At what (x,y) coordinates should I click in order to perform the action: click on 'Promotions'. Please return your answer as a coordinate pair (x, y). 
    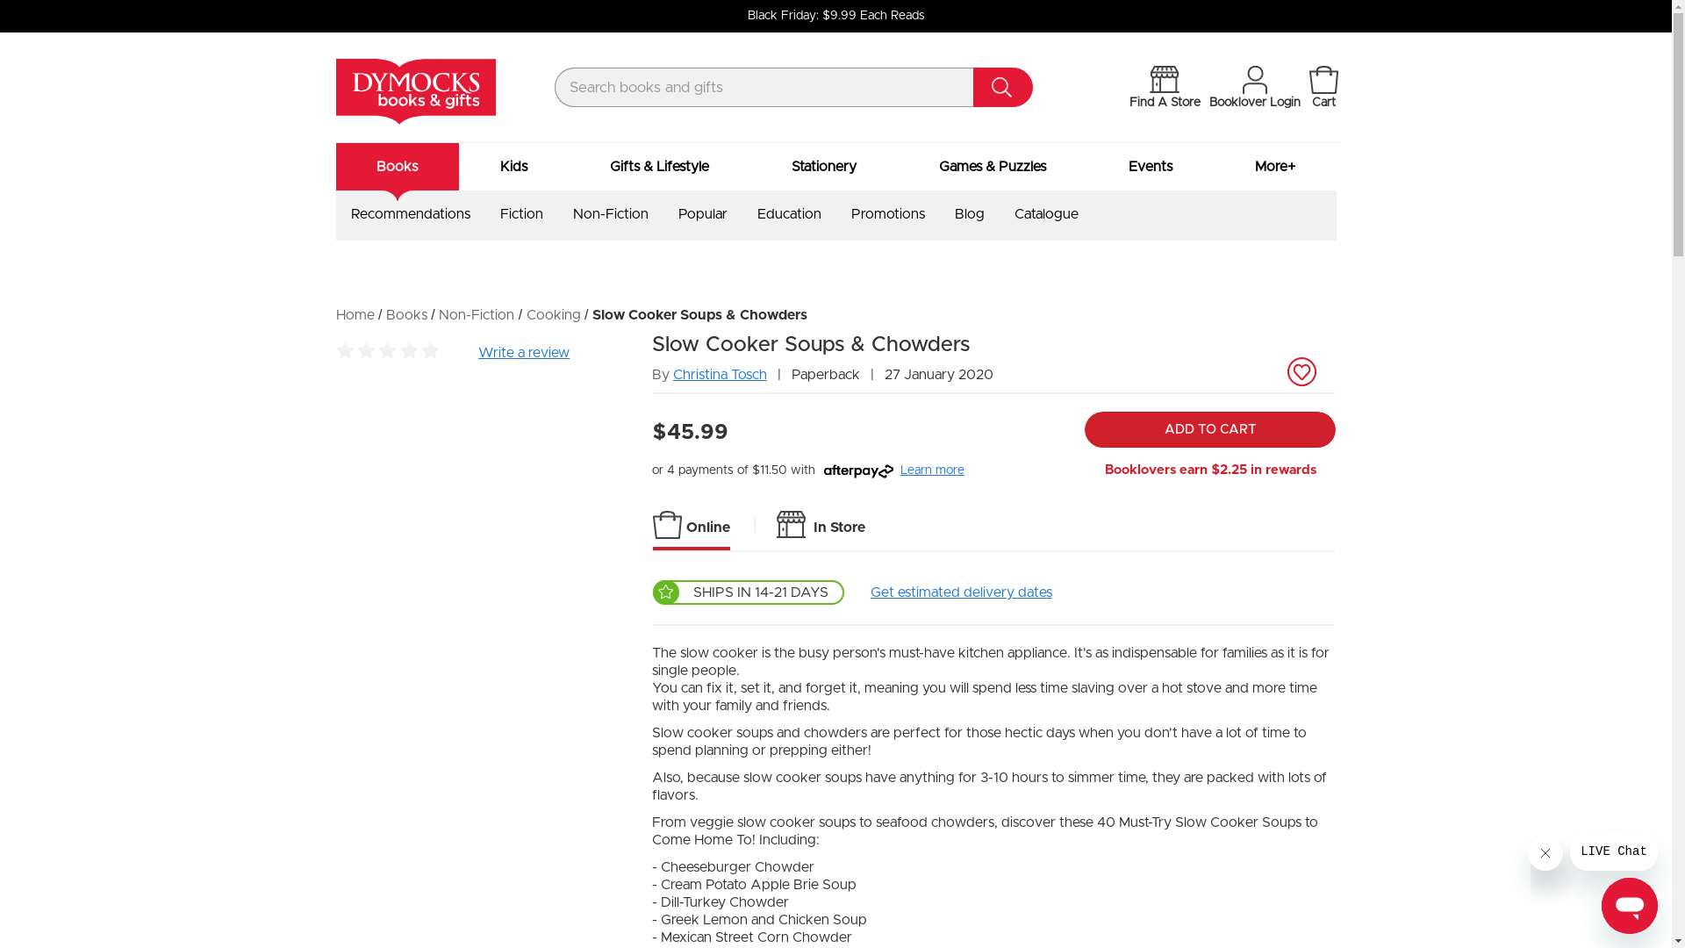
    Looking at the image, I should click on (888, 212).